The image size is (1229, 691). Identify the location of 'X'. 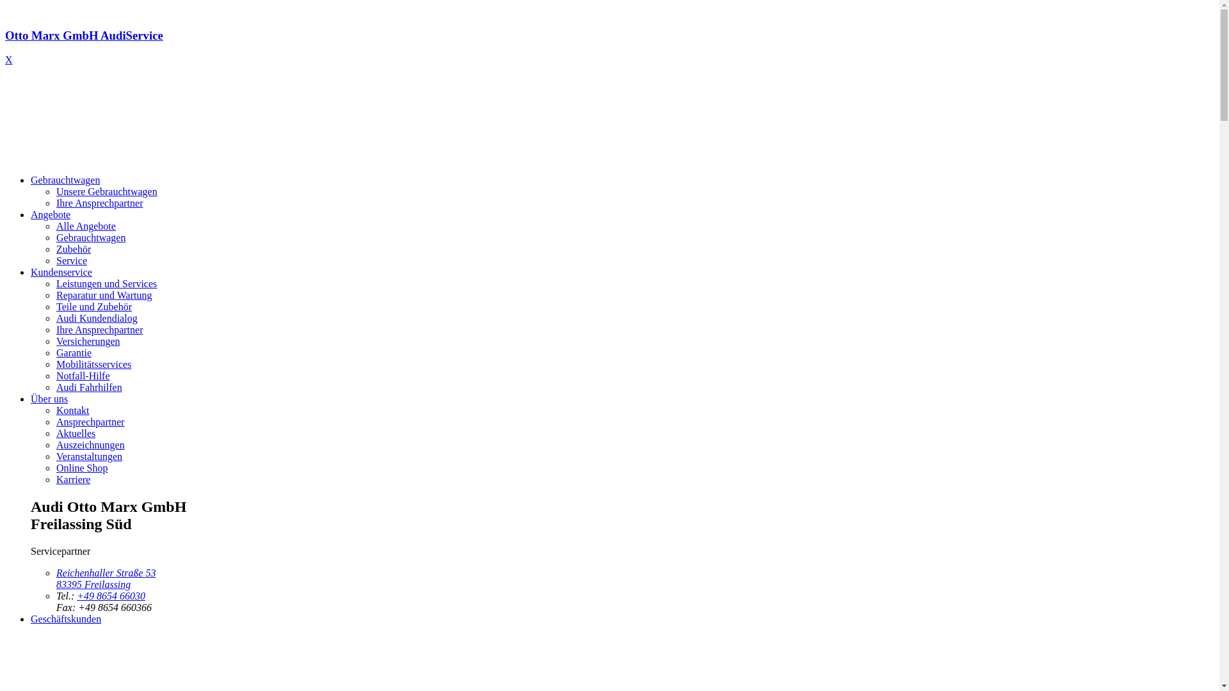
(5, 60).